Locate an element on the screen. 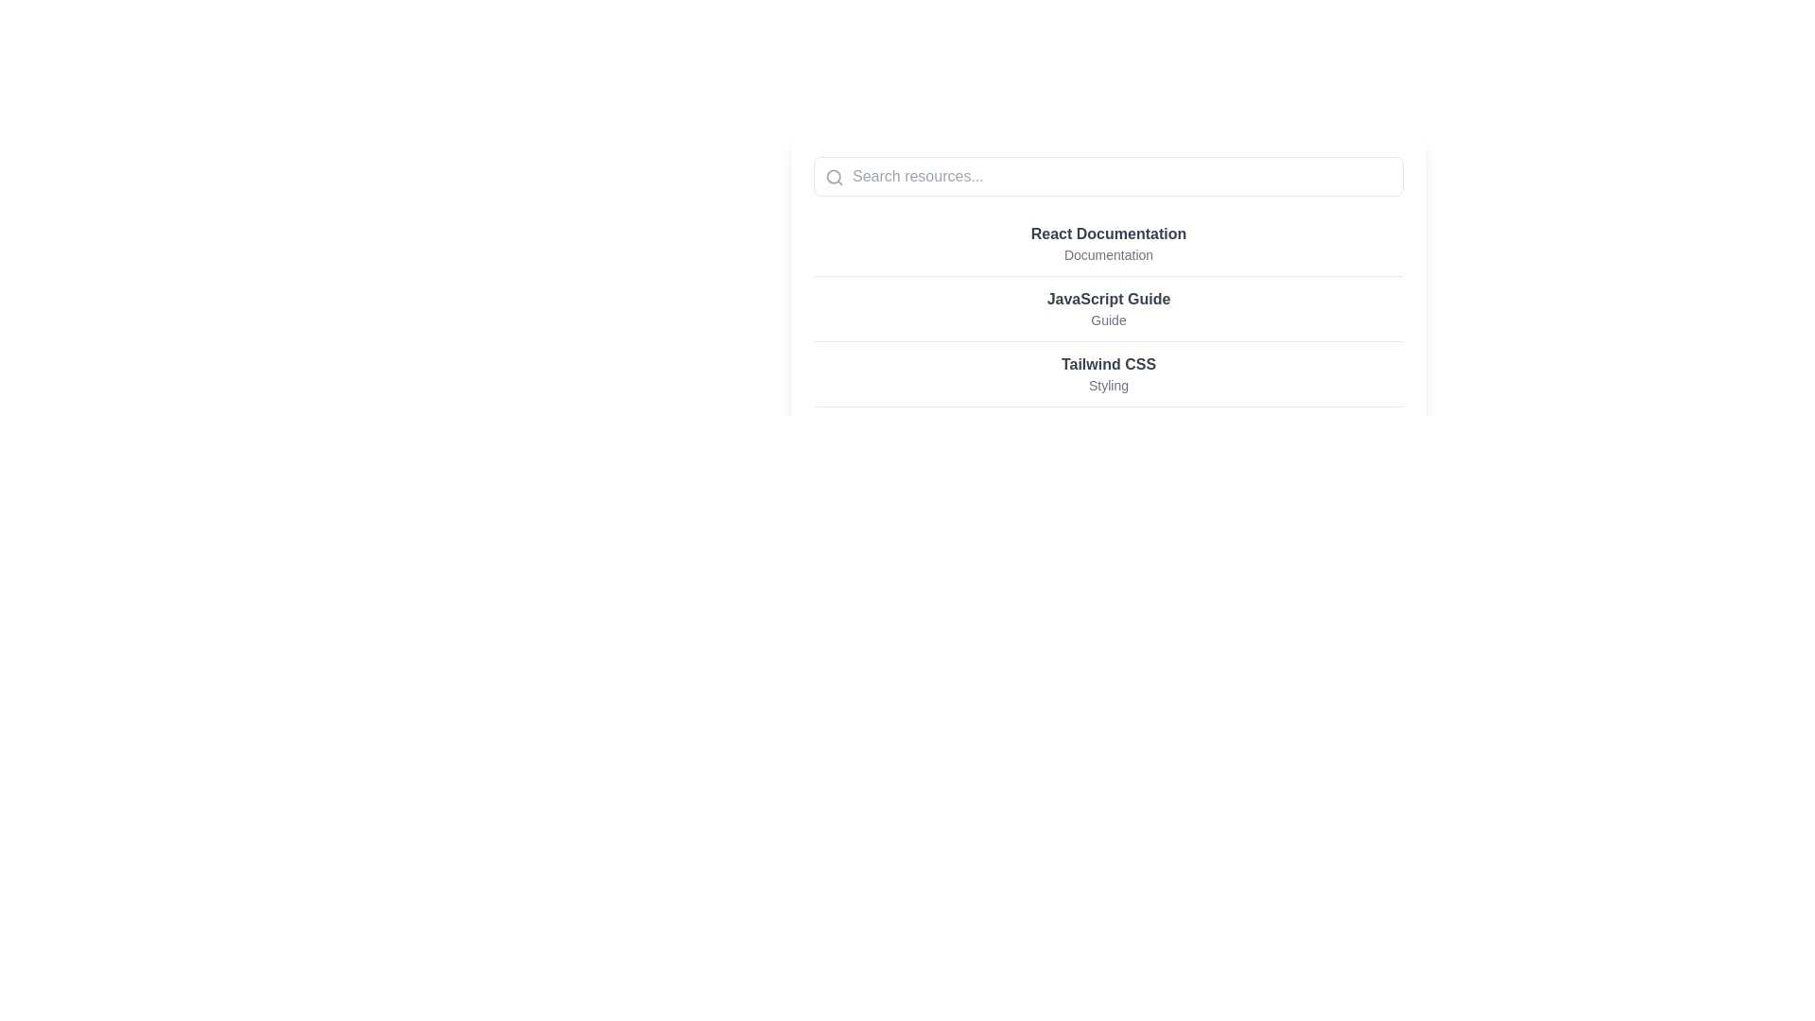 Image resolution: width=1815 pixels, height=1021 pixels. the third item in the vertical list that displays 'Tailwind CSS' in bold and 'Styling' in smaller text is located at coordinates (1108, 374).